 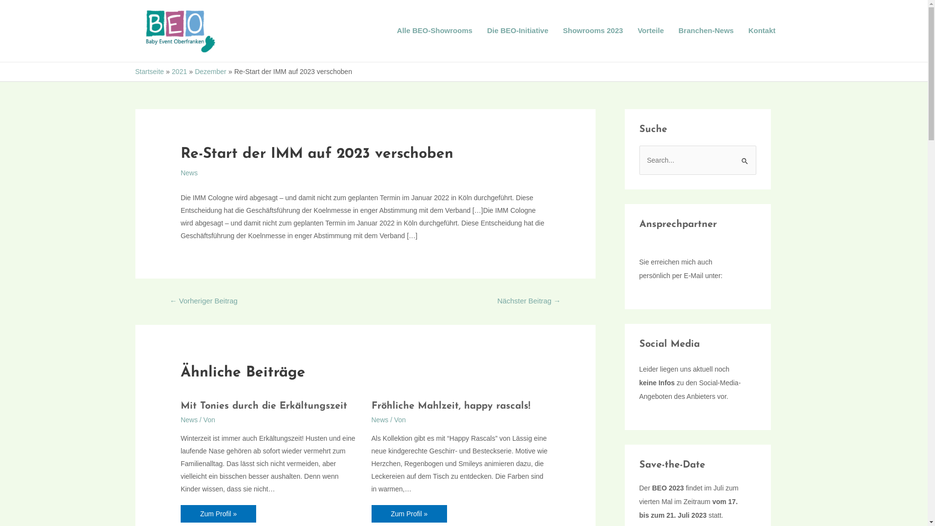 I want to click on 'Showrooms 2023', so click(x=592, y=30).